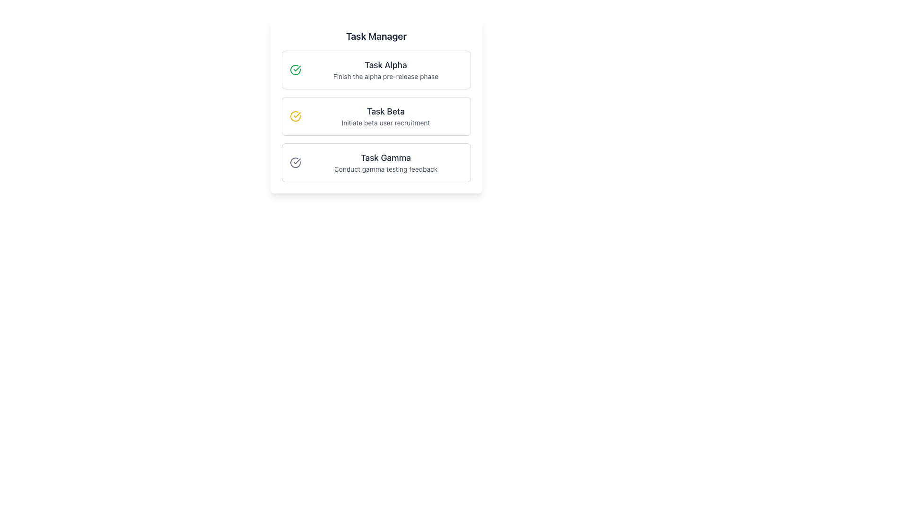 The image size is (908, 511). I want to click on static text label that provides a descriptive detail about Task Gamma, which is located below the 'Task Gamma' title in the last card of the task list, so click(386, 169).